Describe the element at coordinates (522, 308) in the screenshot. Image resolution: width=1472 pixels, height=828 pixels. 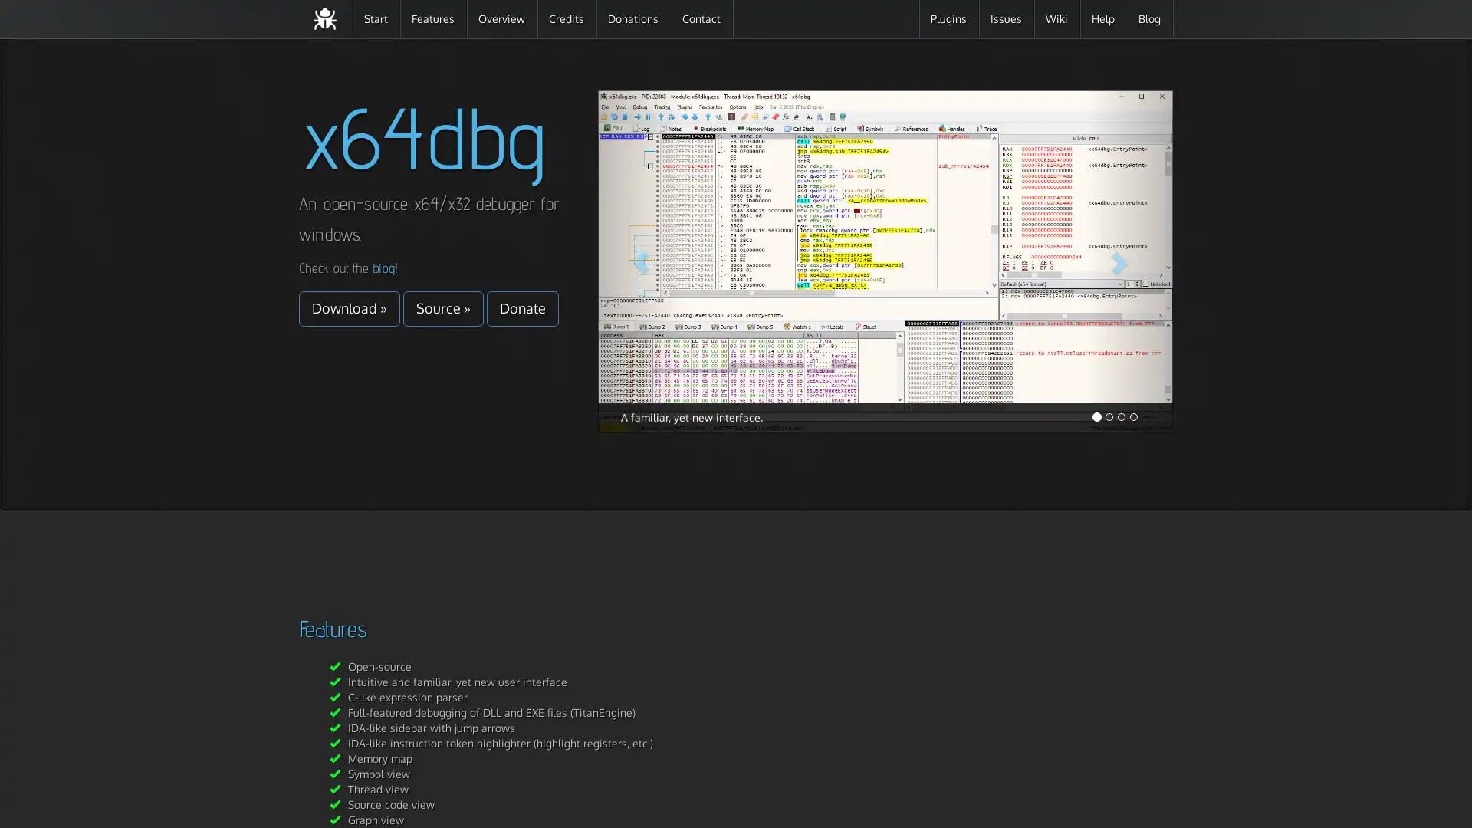
I see `Donate` at that location.